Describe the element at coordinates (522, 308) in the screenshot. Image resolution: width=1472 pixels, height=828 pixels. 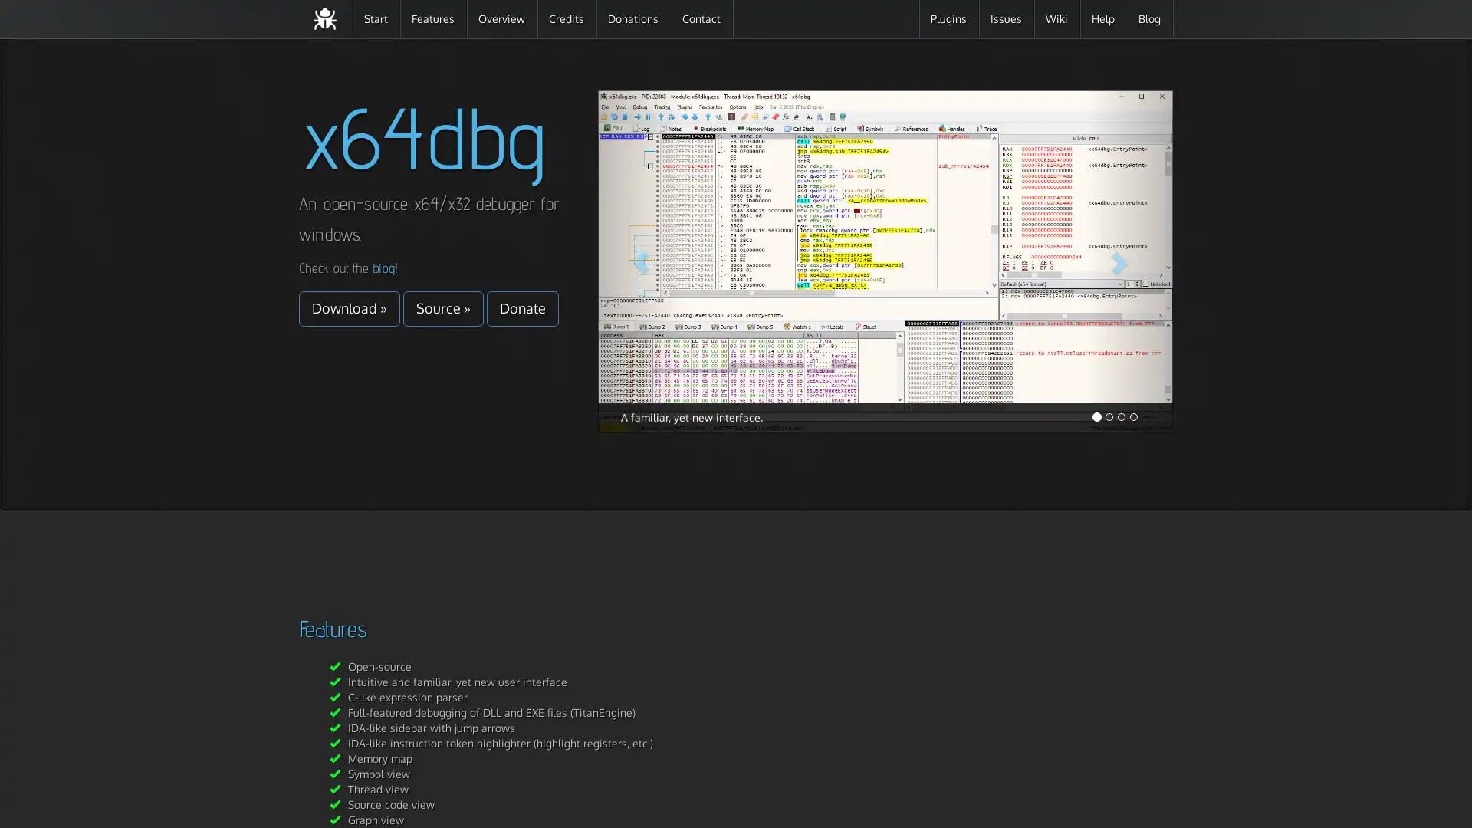
I see `Donate` at that location.